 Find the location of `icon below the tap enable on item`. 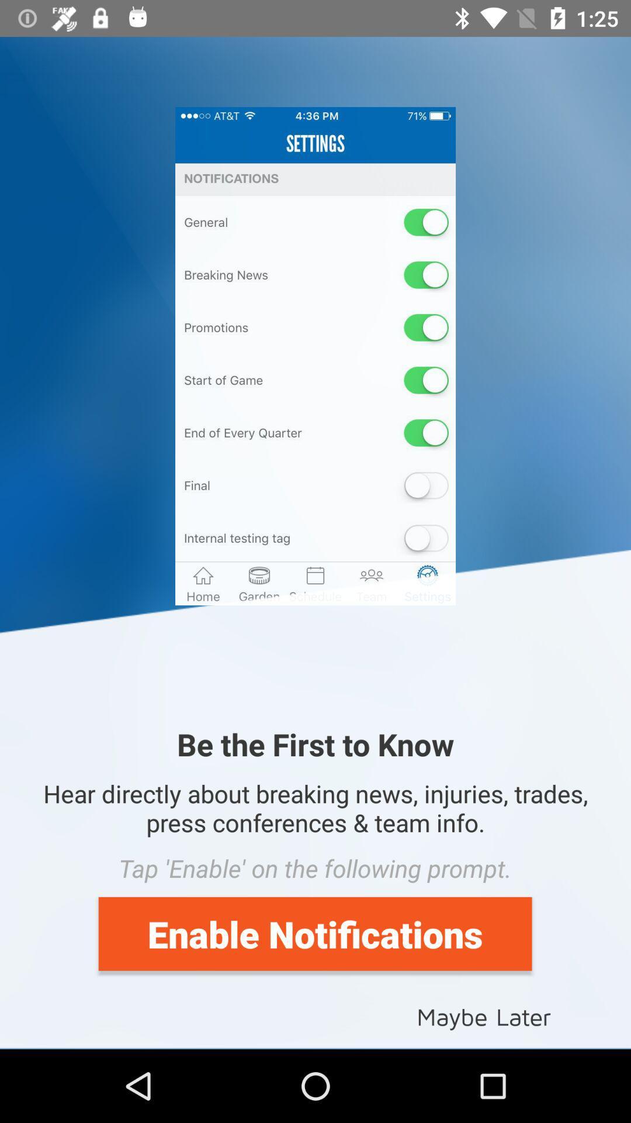

icon below the tap enable on item is located at coordinates (314, 933).